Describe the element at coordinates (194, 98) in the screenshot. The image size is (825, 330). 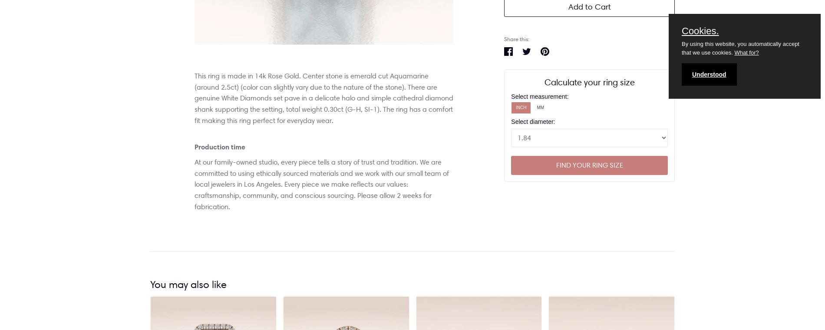
I see `'This ring is made in 14k Rose Gold. Center stone is emerald cut Aquamarine (around 2.5ct) (color can slightly vary due to the nature of the stone). There are genuine White Diamonds set pave in a delicate halo and simple cathedral diamond shank supporting the setting, total weight 0.30ct (G-H, SI-1). The ring has a comfort fit making this ring perfect for everyday wear.'` at that location.